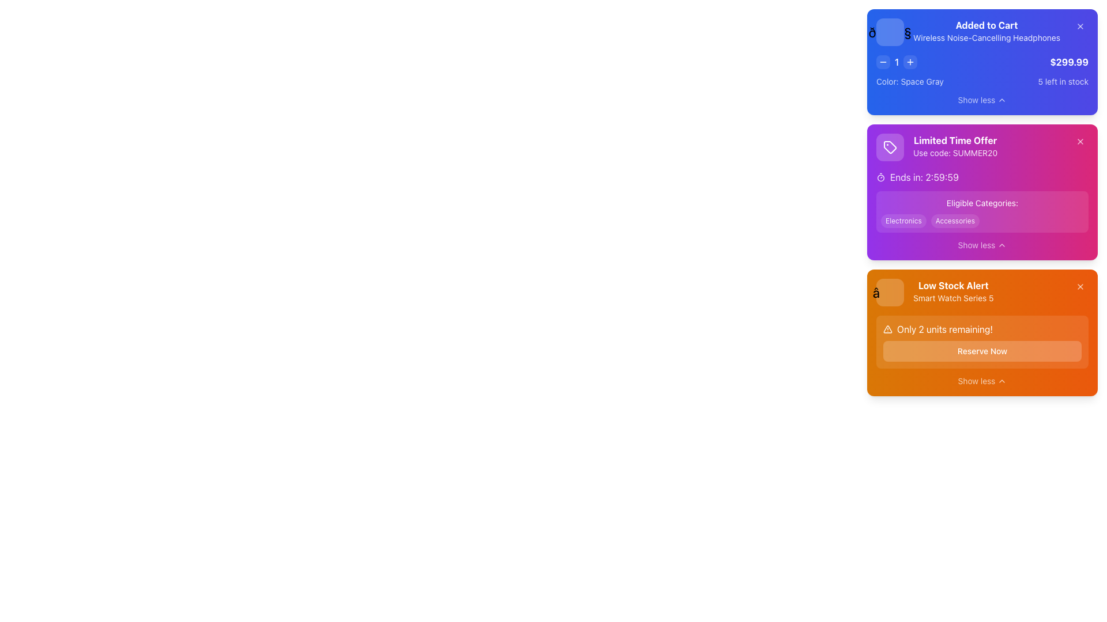  I want to click on the informational text displaying 'Only 2 units remaining!' within the orange box labeled 'Low Stock Alert', so click(982, 329).